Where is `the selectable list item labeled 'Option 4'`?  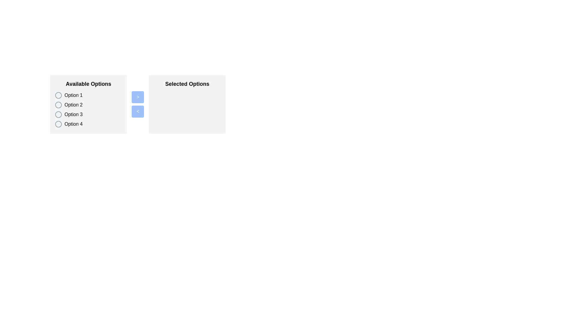 the selectable list item labeled 'Option 4' is located at coordinates (88, 124).